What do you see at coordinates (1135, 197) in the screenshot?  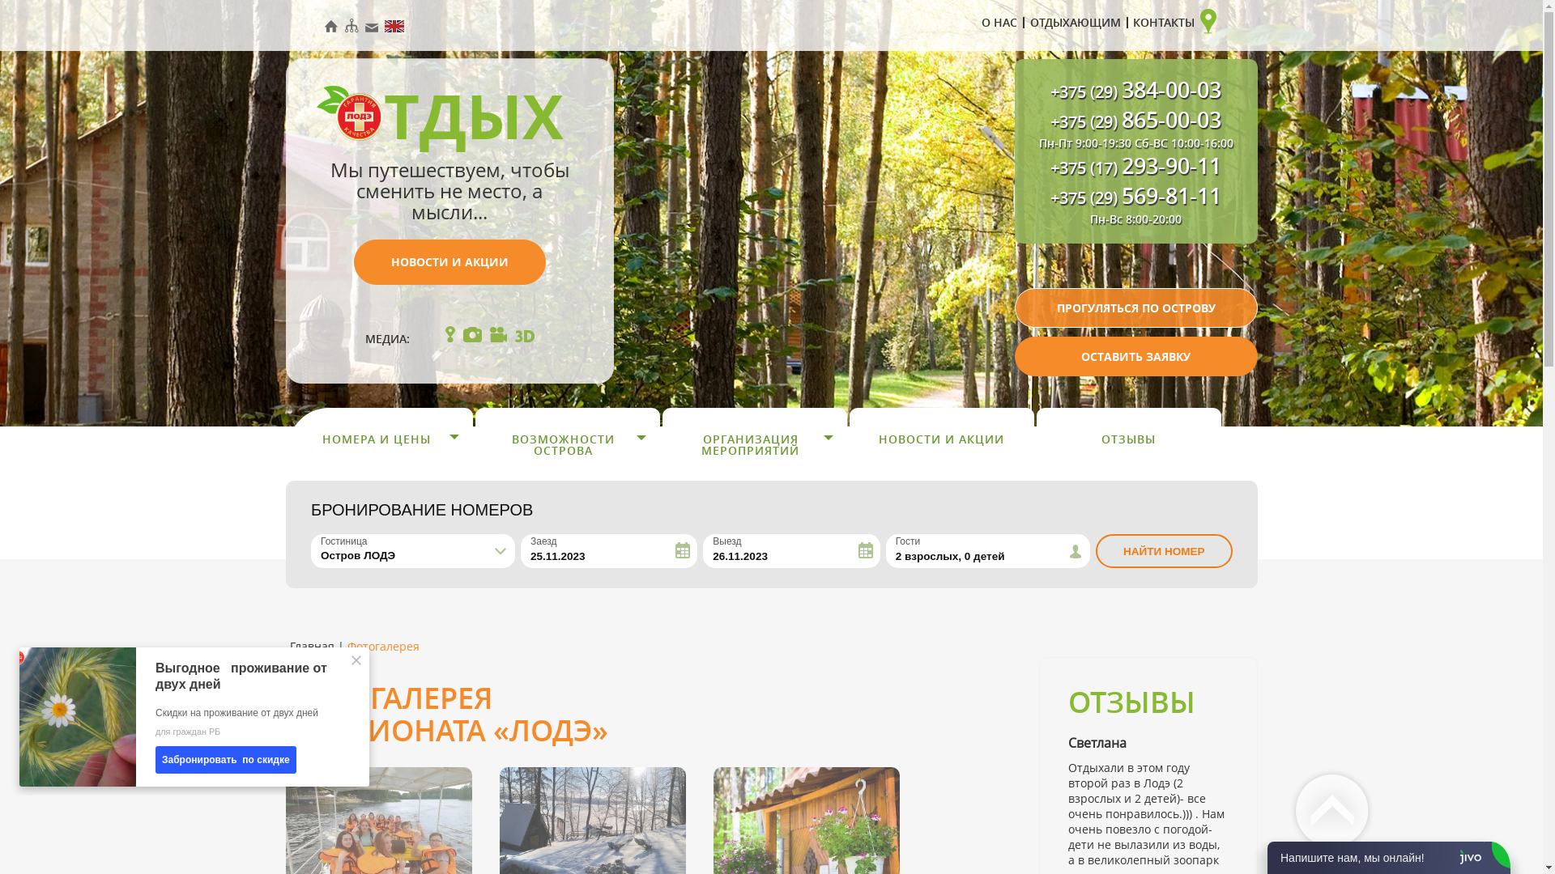 I see `'+375 (29) 569-81-11'` at bounding box center [1135, 197].